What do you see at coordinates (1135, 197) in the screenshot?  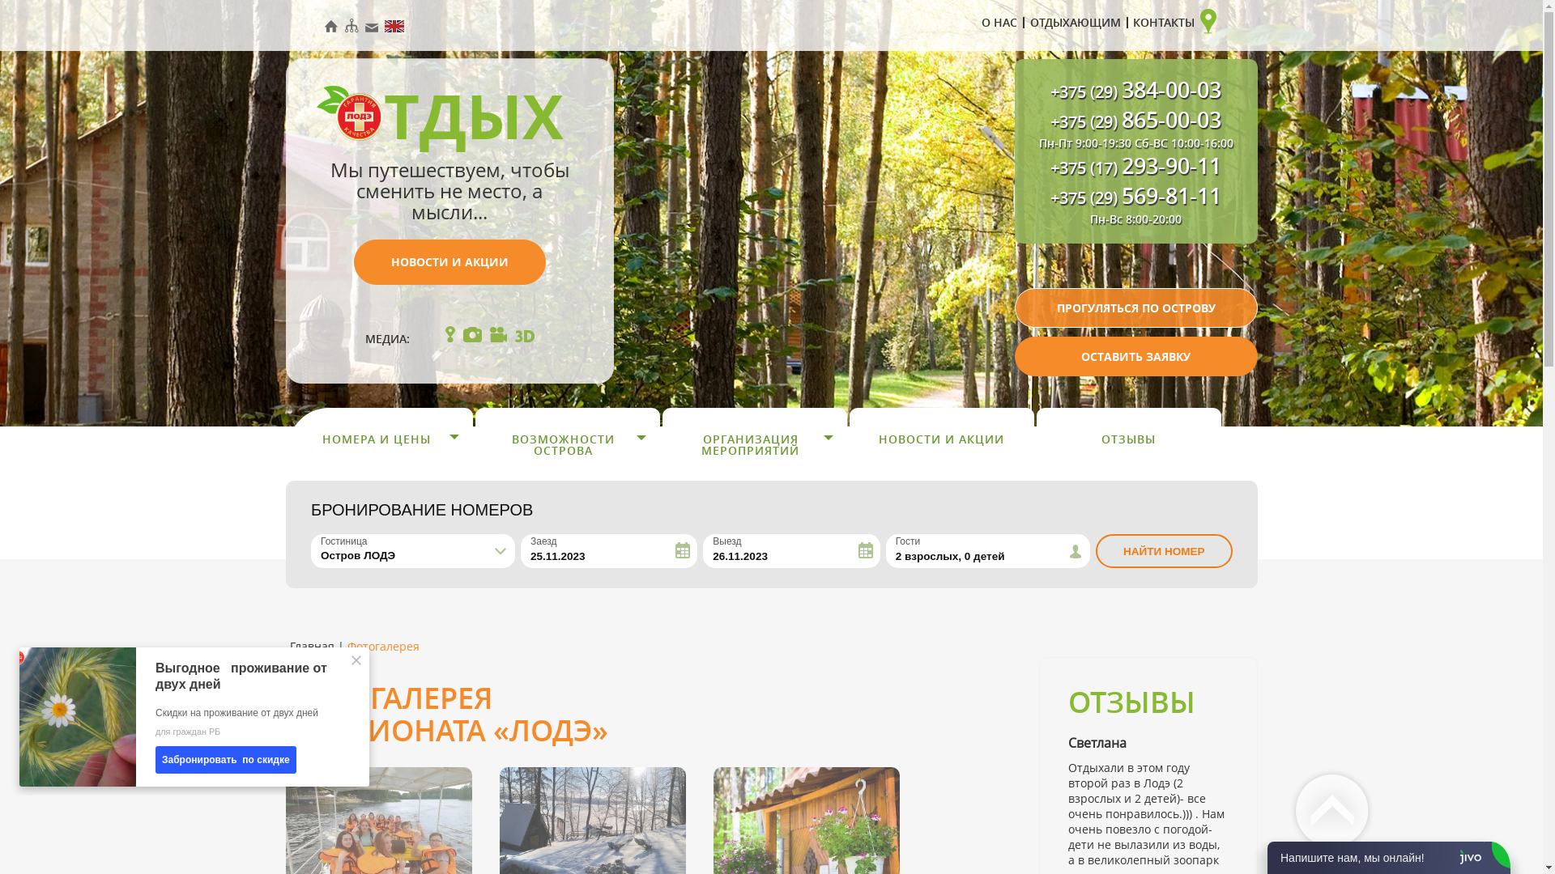 I see `'+375 (29) 569-81-11'` at bounding box center [1135, 197].